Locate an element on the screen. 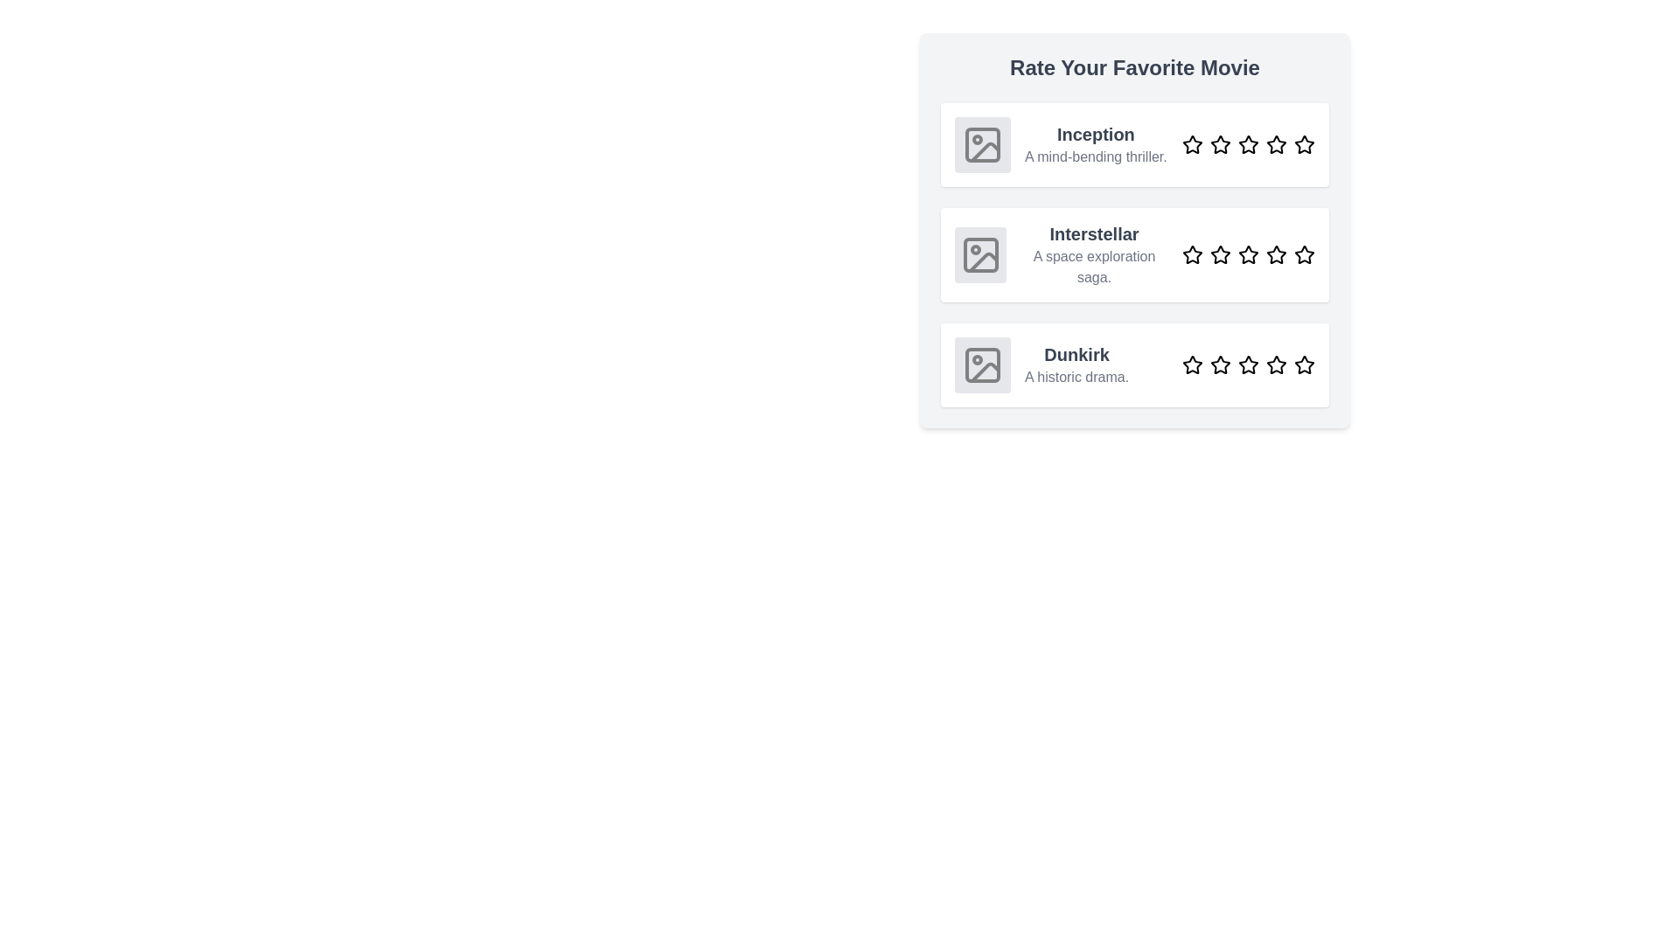 This screenshot has height=944, width=1679. the subtitle text 'A mind-bending thriller.' located below the heading 'Inception' in the first entry of a vertical list is located at coordinates (1095, 157).